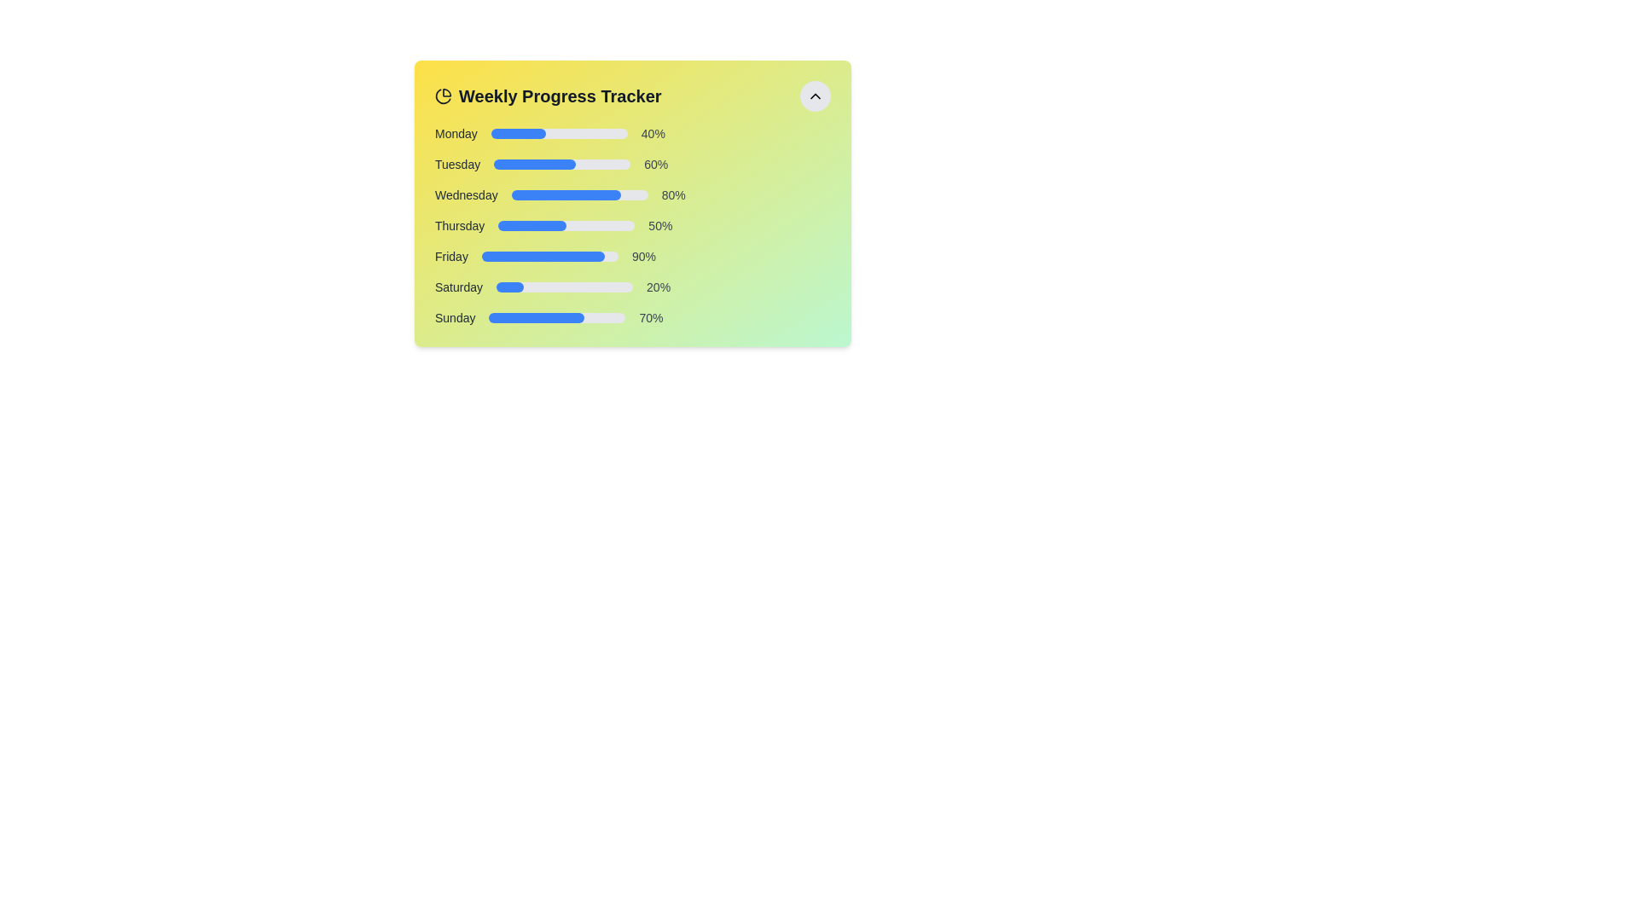  I want to click on the progress bar element for 'Saturday', which is a horizontal bar with a light gray background and a blue filled portion representing 20%, so click(565, 286).